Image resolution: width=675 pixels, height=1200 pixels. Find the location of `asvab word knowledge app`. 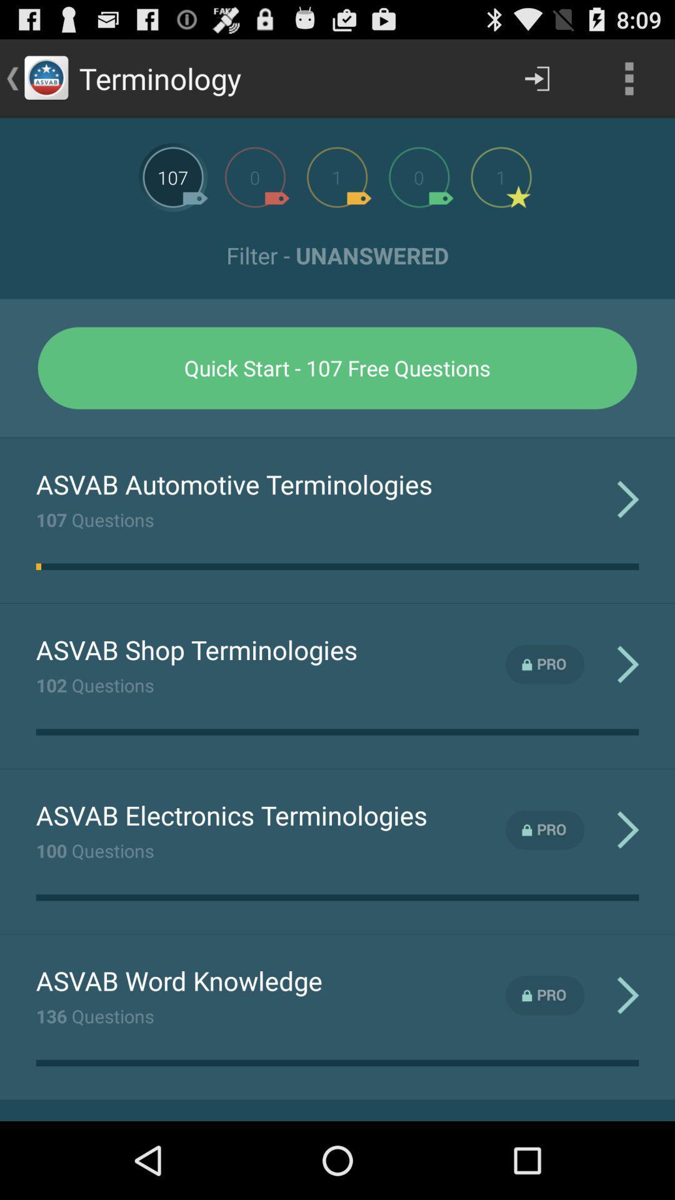

asvab word knowledge app is located at coordinates (179, 980).